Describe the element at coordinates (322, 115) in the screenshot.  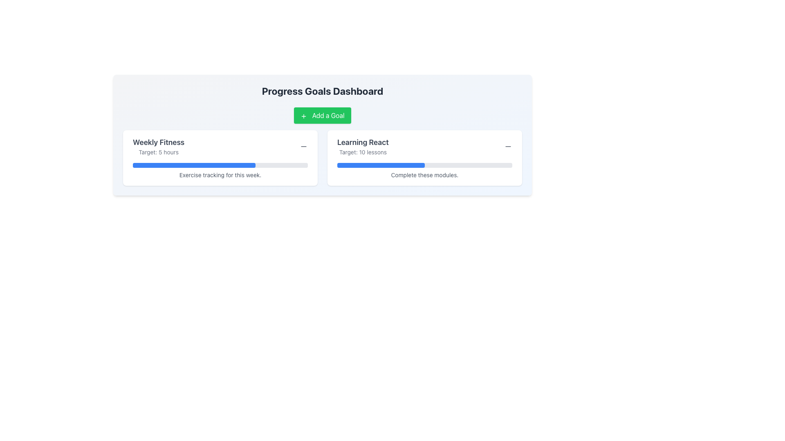
I see `the 'Add a Goal' button with a green background and white text located at the center-top of the 'Progress Goals Dashboard' section to enable keyboard interaction` at that location.